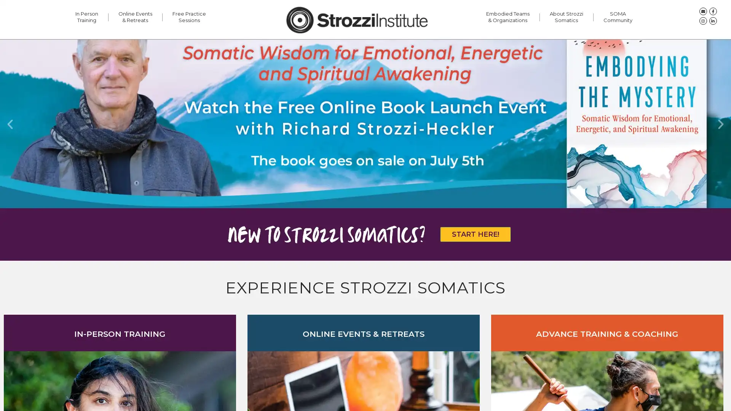 Image resolution: width=731 pixels, height=411 pixels. What do you see at coordinates (720, 123) in the screenshot?
I see `Next slide` at bounding box center [720, 123].